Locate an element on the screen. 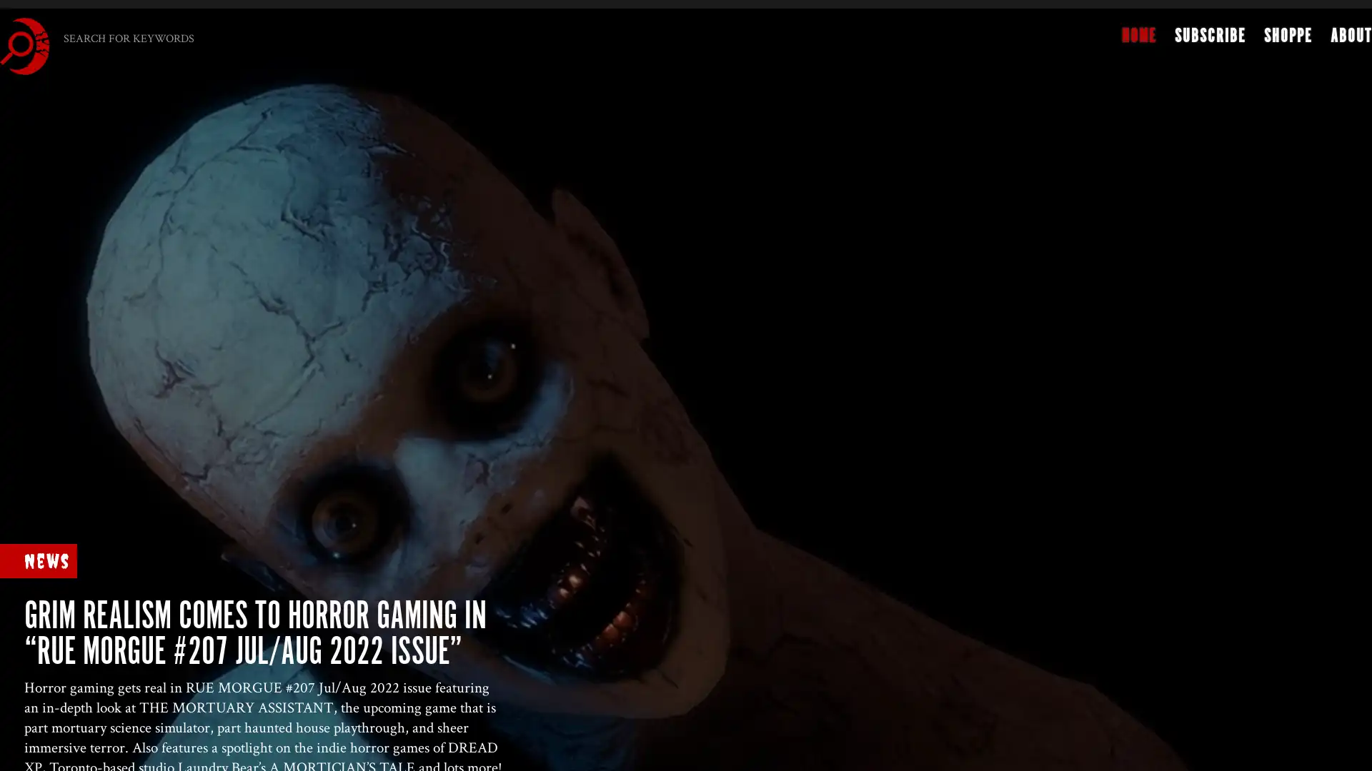 The width and height of the screenshot is (1372, 771). Gals n' ghouls read RUE MORGUE is located at coordinates (600, 249).